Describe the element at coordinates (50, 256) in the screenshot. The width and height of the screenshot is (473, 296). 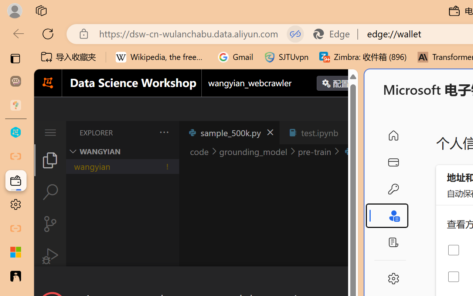
I see `'Run and Debug (Ctrl+Shift+D)'` at that location.